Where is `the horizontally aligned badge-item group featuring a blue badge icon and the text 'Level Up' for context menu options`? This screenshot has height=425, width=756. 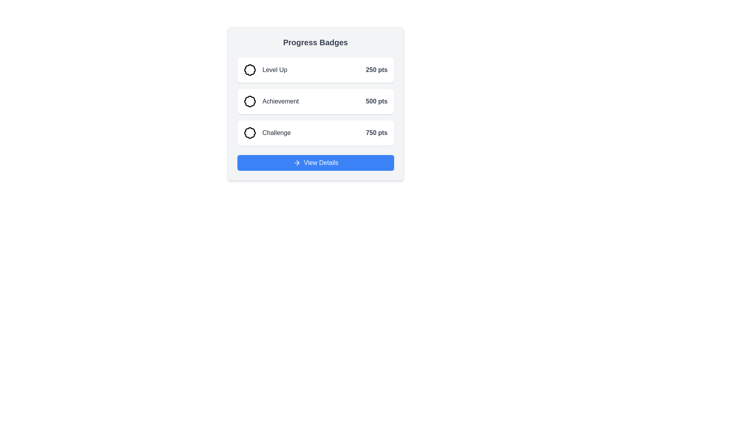 the horizontally aligned badge-item group featuring a blue badge icon and the text 'Level Up' for context menu options is located at coordinates (265, 69).